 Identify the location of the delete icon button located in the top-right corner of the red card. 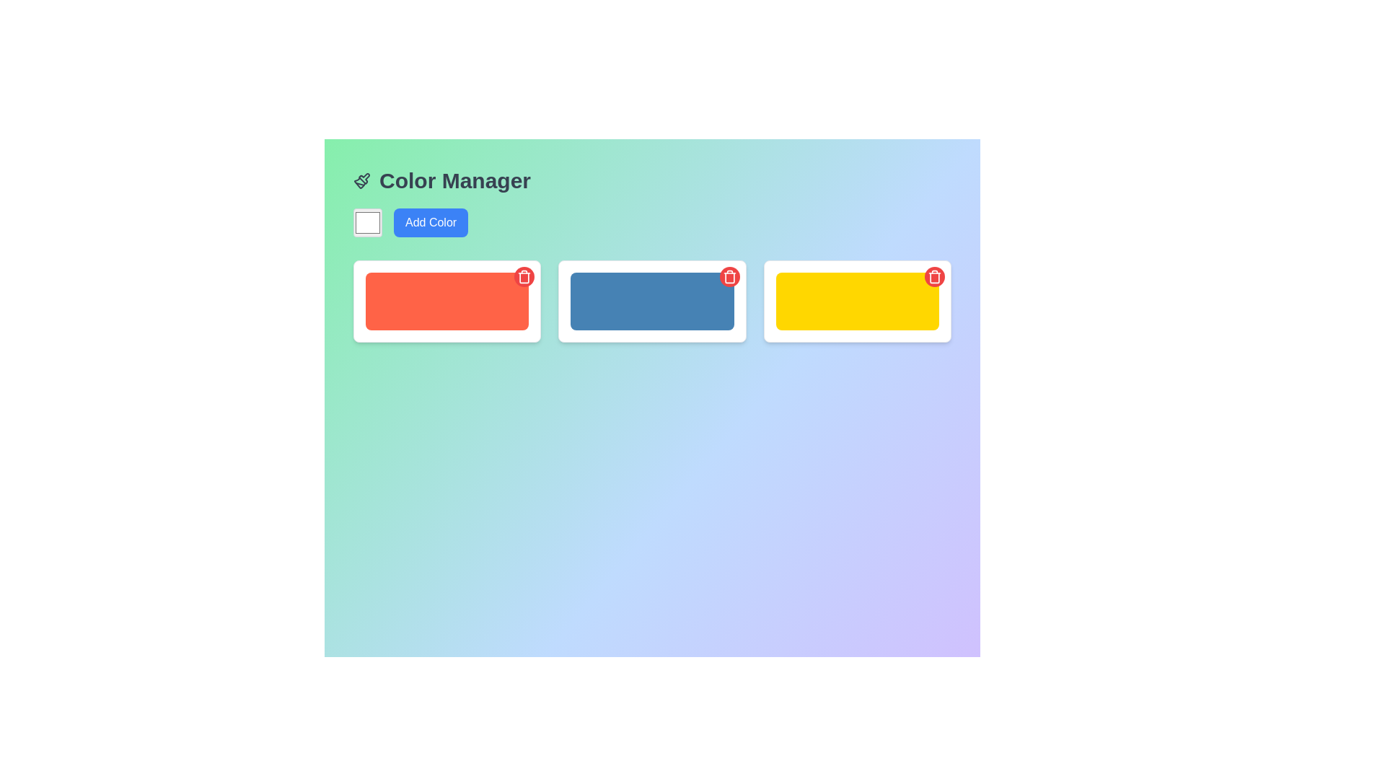
(524, 277).